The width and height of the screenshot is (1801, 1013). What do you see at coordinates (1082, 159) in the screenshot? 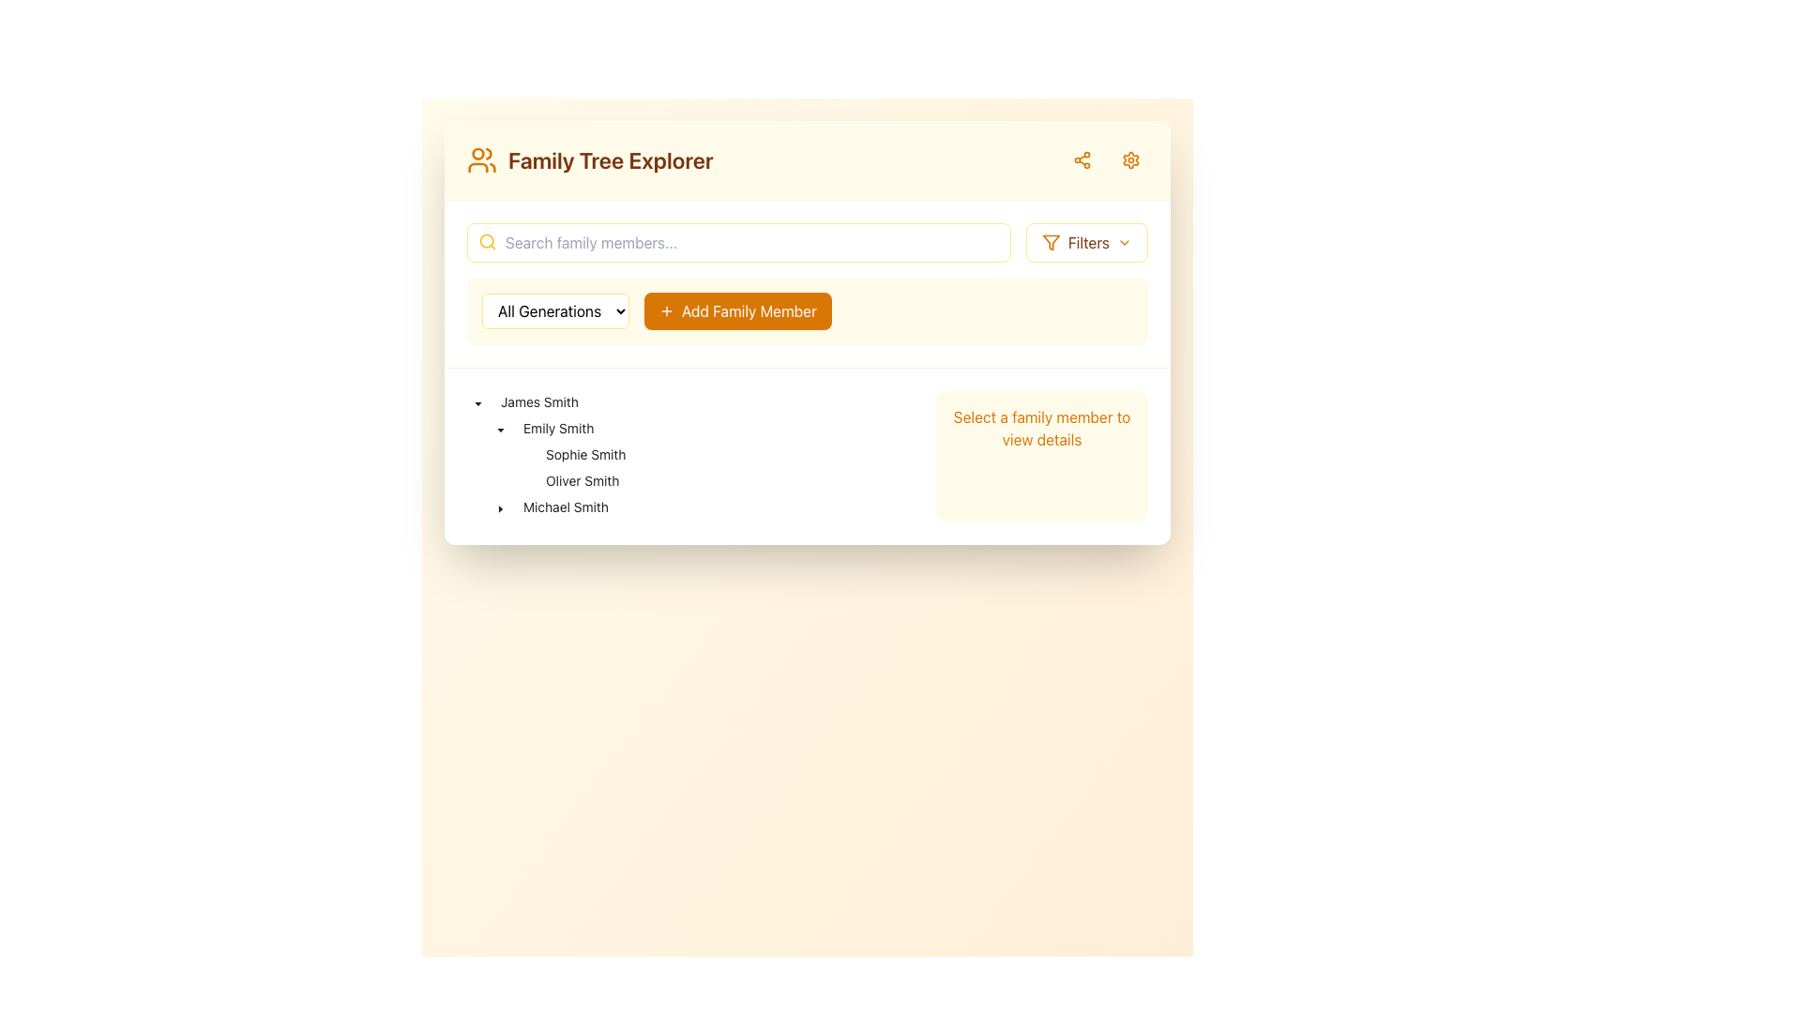
I see `the share icon button, which is a small bright amber SVG icon with three interconnected circles located at the top-right corner of the interface` at bounding box center [1082, 159].